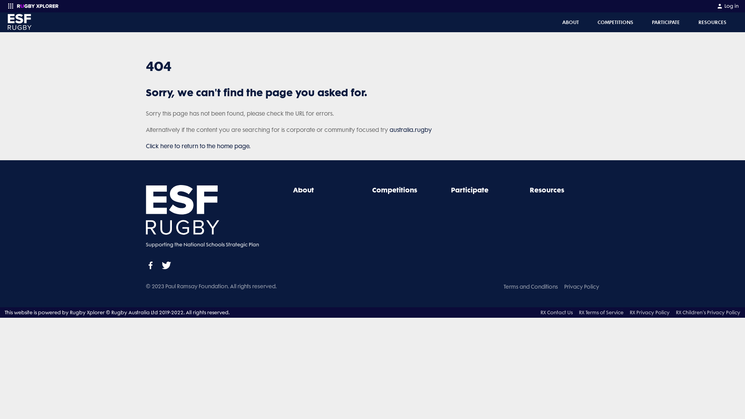 The image size is (745, 419). Describe the element at coordinates (650, 312) in the screenshot. I see `'RX Privacy Policy'` at that location.